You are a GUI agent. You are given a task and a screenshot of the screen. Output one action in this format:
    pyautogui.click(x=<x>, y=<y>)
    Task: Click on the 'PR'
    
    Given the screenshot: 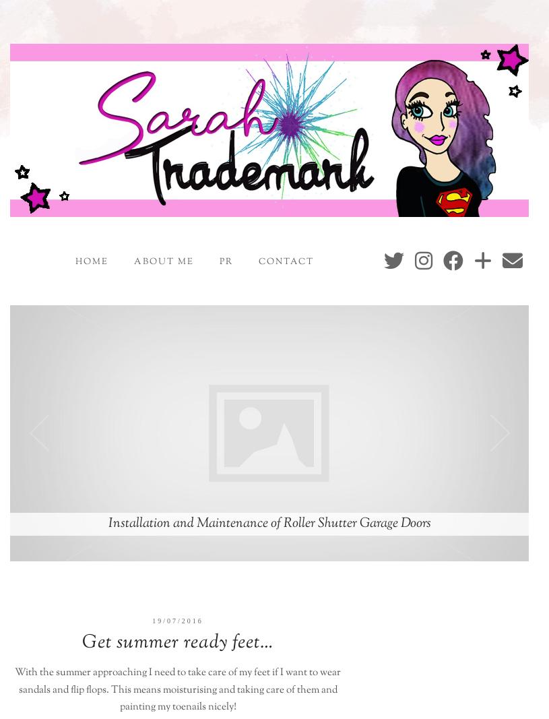 What is the action you would take?
    pyautogui.click(x=226, y=260)
    